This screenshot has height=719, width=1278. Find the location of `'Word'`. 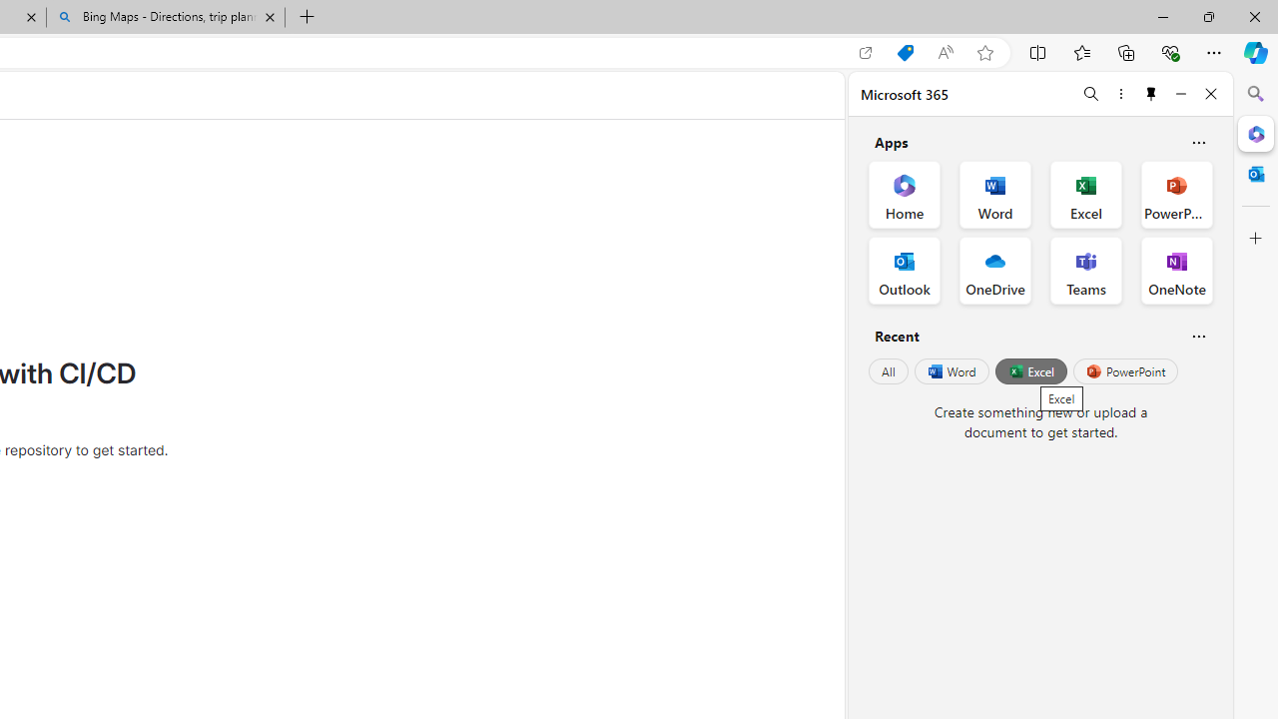

'Word' is located at coordinates (950, 371).